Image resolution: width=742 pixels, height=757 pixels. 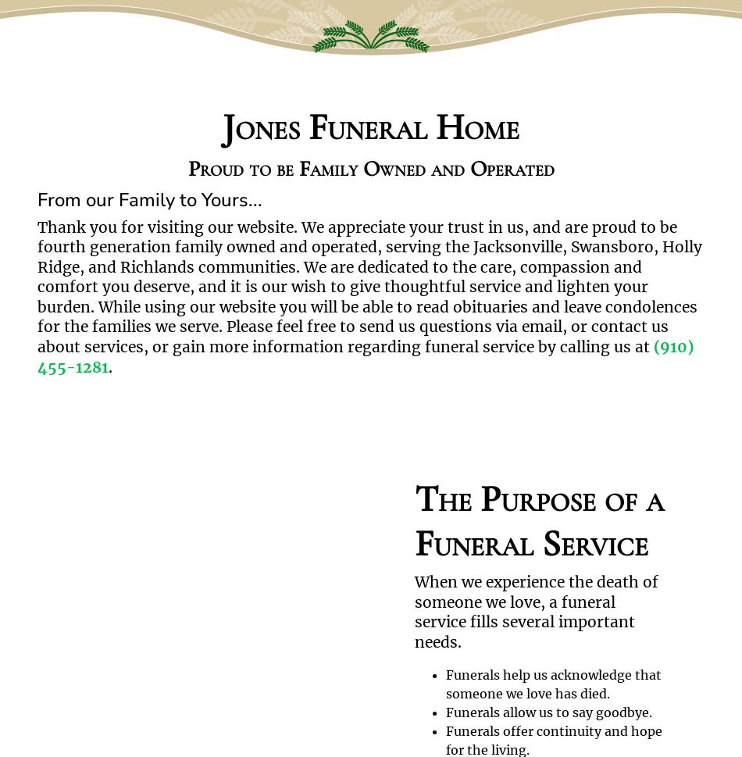 What do you see at coordinates (364, 356) in the screenshot?
I see `'(910) 455-1281'` at bounding box center [364, 356].